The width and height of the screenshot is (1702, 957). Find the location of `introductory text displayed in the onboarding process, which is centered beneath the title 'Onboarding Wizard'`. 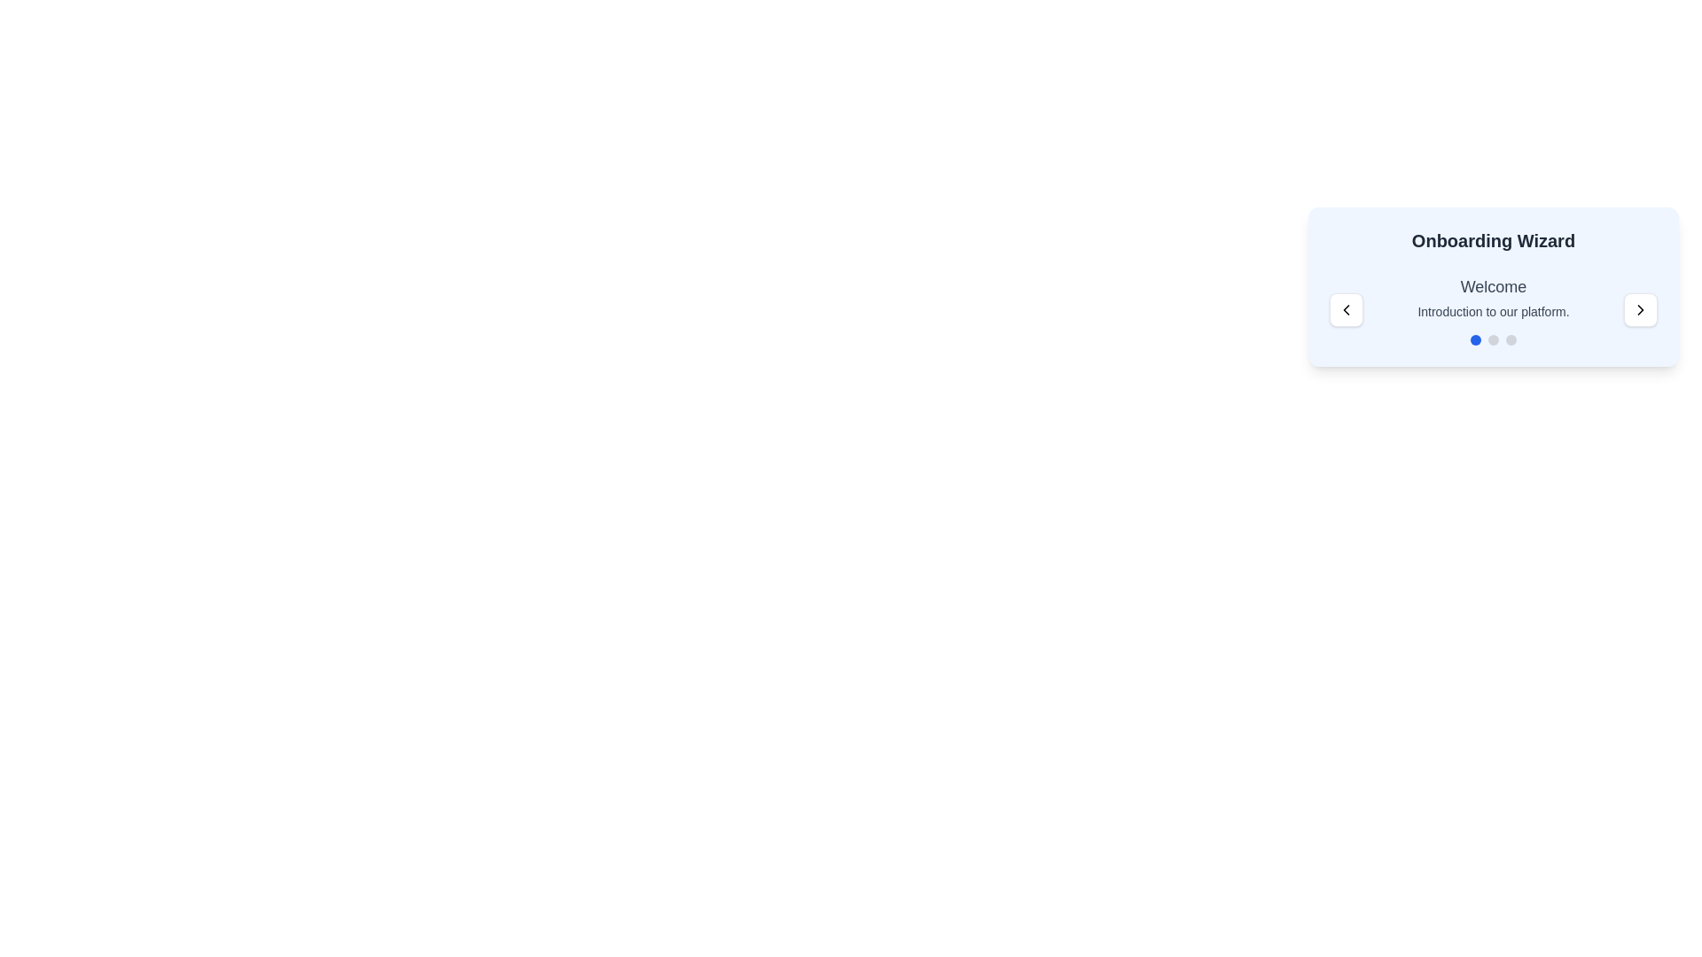

introductory text displayed in the onboarding process, which is centered beneath the title 'Onboarding Wizard' is located at coordinates (1492, 309).